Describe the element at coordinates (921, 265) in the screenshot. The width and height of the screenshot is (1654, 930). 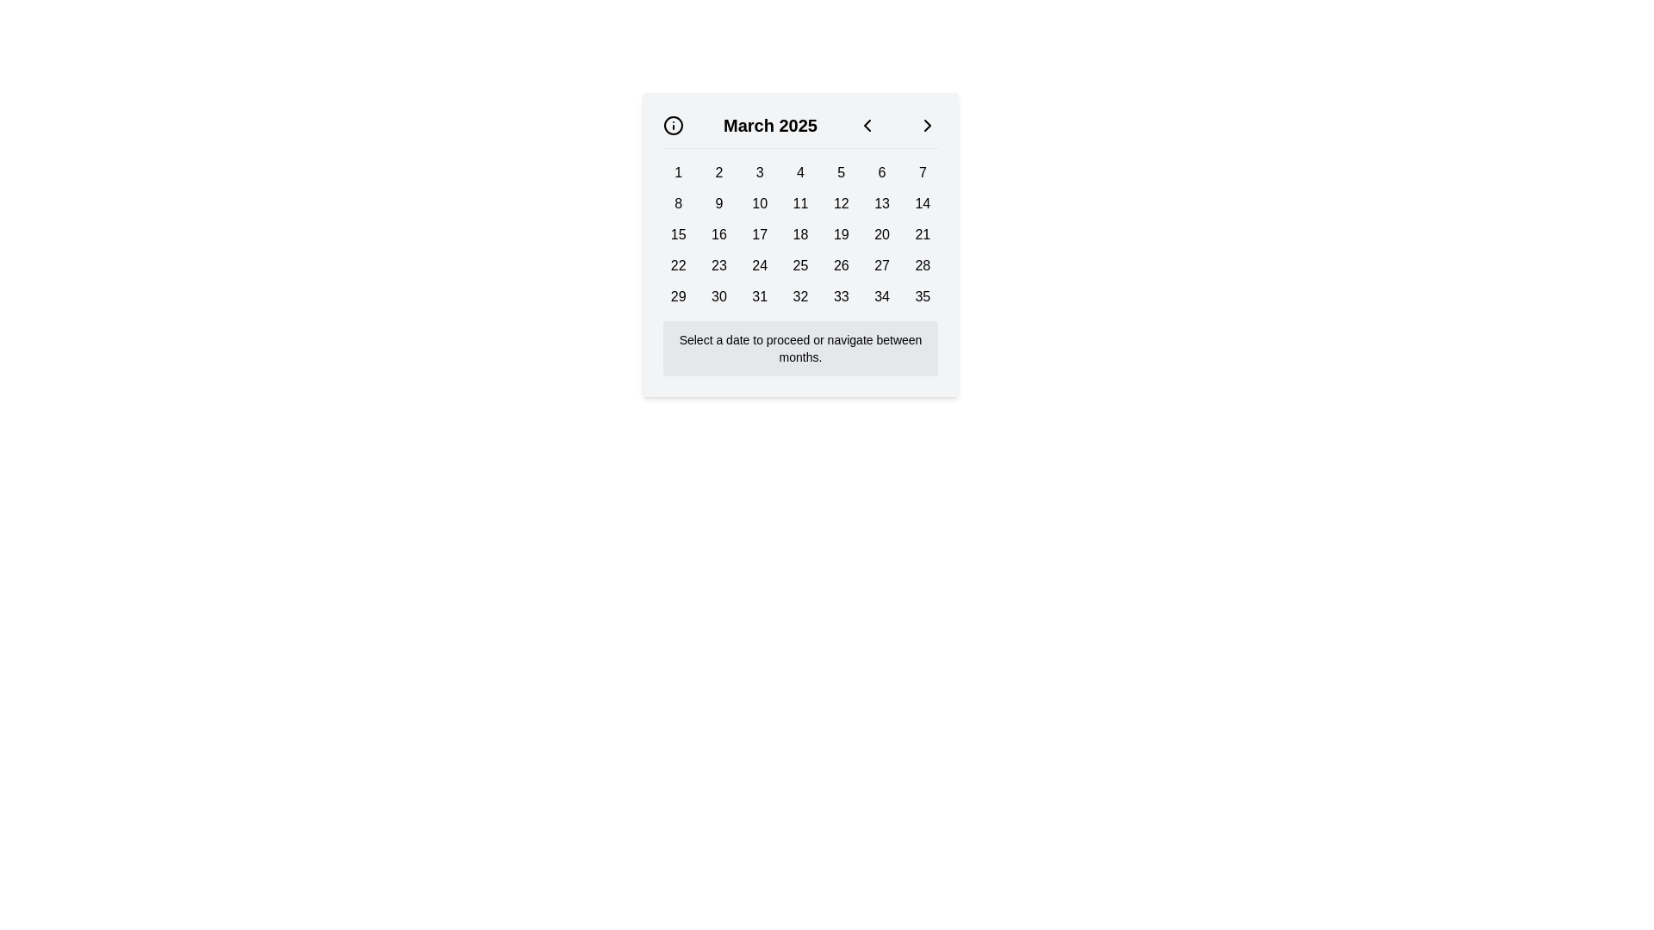
I see `the button displaying the number '28'` at that location.